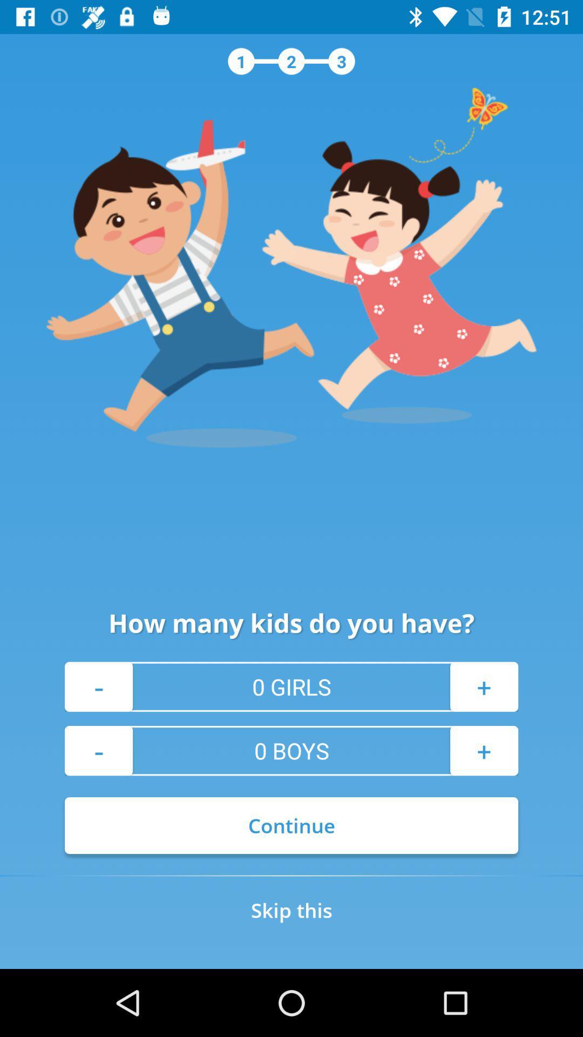  Describe the element at coordinates (484, 750) in the screenshot. I see `icon next to 0 boys icon` at that location.